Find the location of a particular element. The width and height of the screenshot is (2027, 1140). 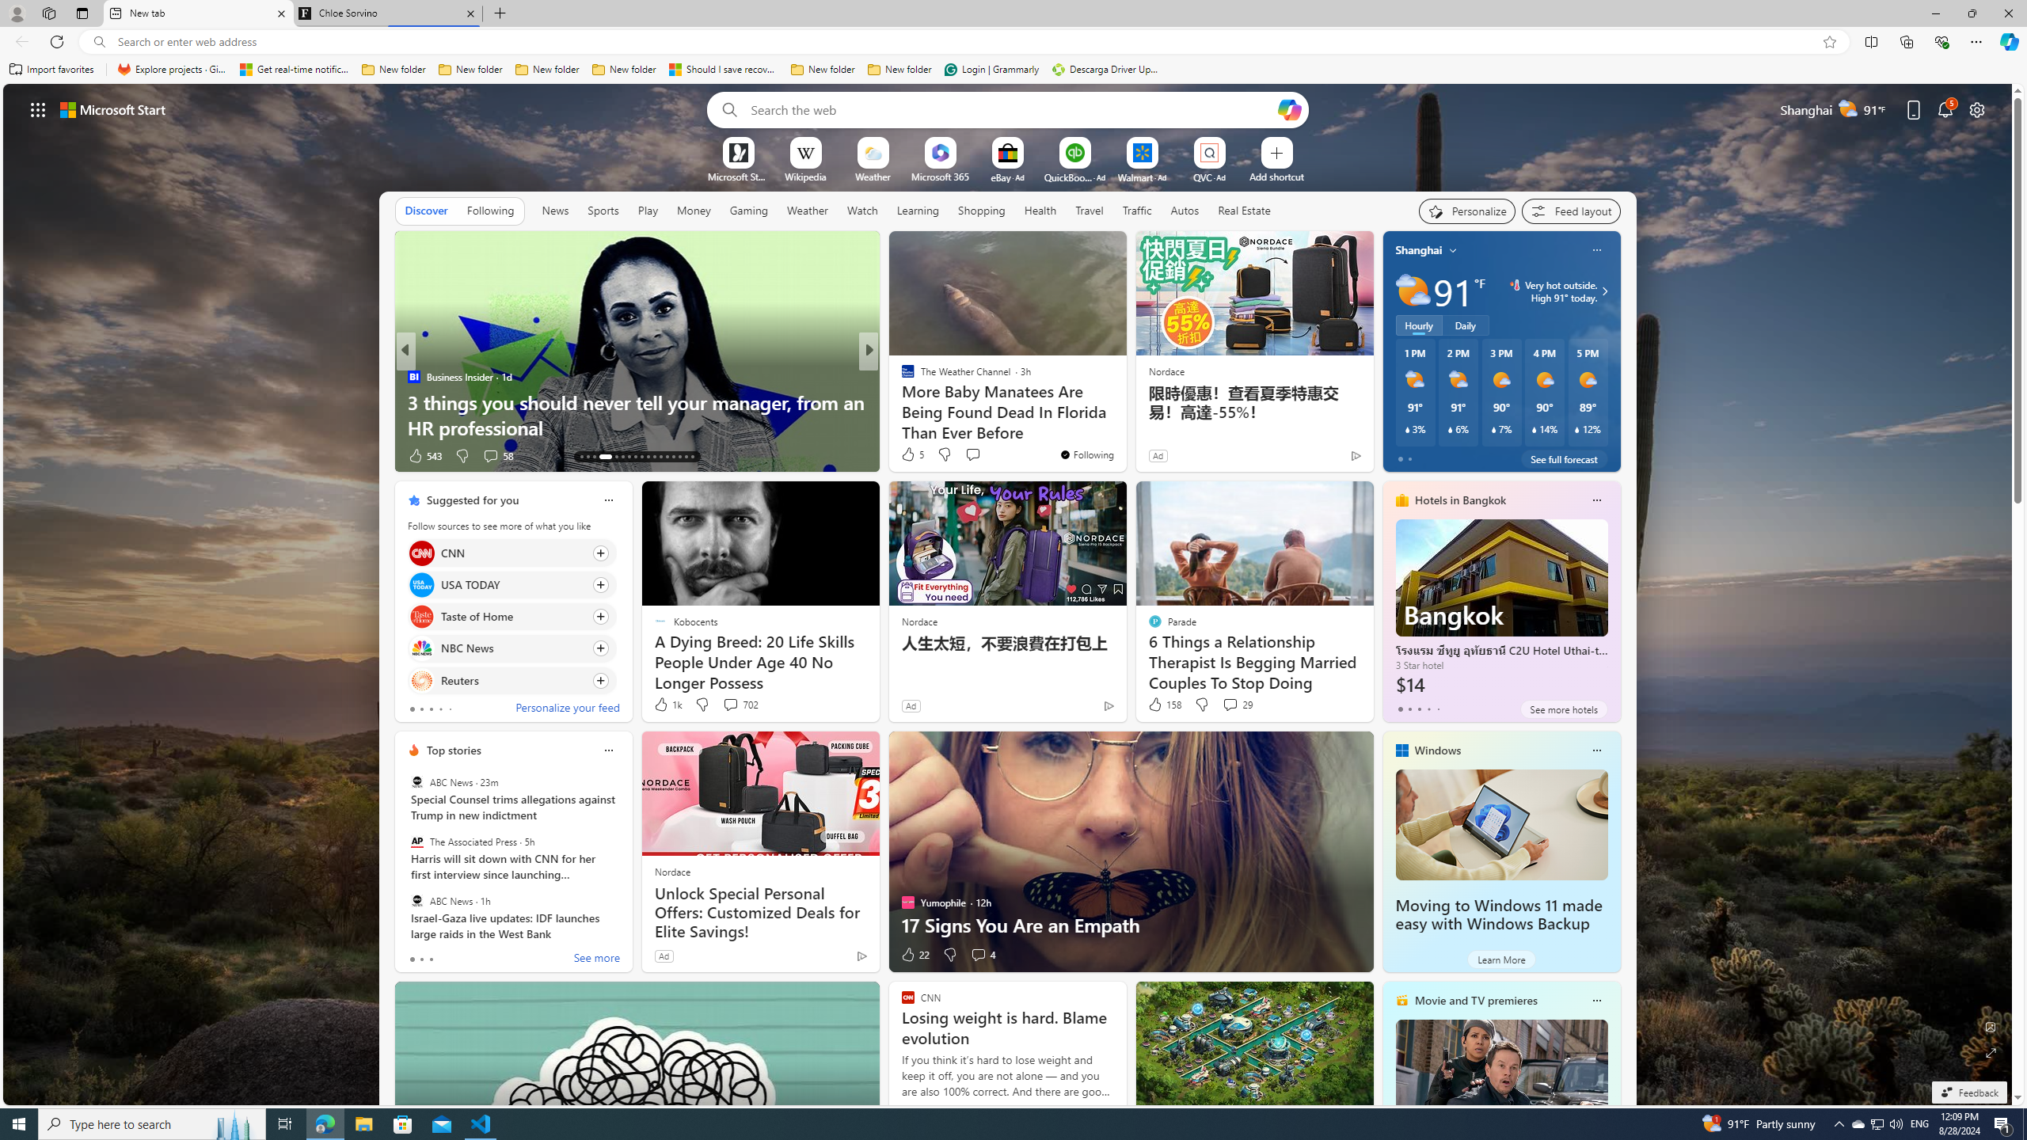

'AutomationID: tab-23' is located at coordinates (654, 457).